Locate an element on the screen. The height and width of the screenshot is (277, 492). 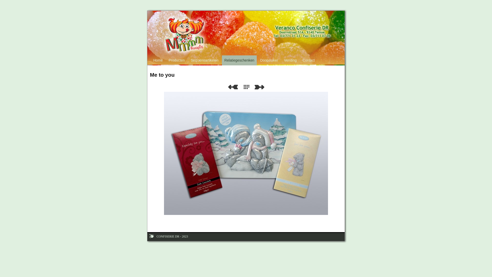
'Seizoensartikelen' is located at coordinates (204, 60).